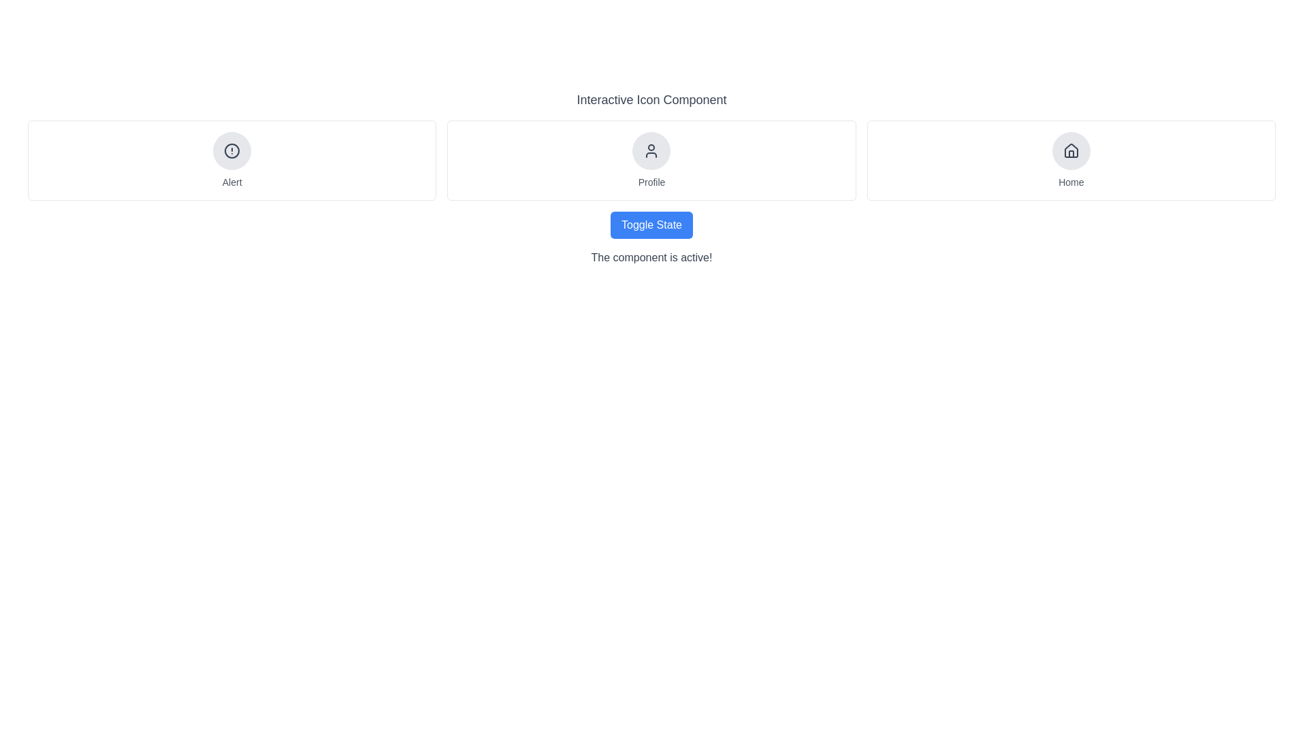  Describe the element at coordinates (651, 151) in the screenshot. I see `the user profile SVG icon located in the middle column of a three-column layout, adjacent to the 'Alert' icon on the left and the 'Home' icon on the right, which is part of a labeled button titled 'Profile'` at that location.